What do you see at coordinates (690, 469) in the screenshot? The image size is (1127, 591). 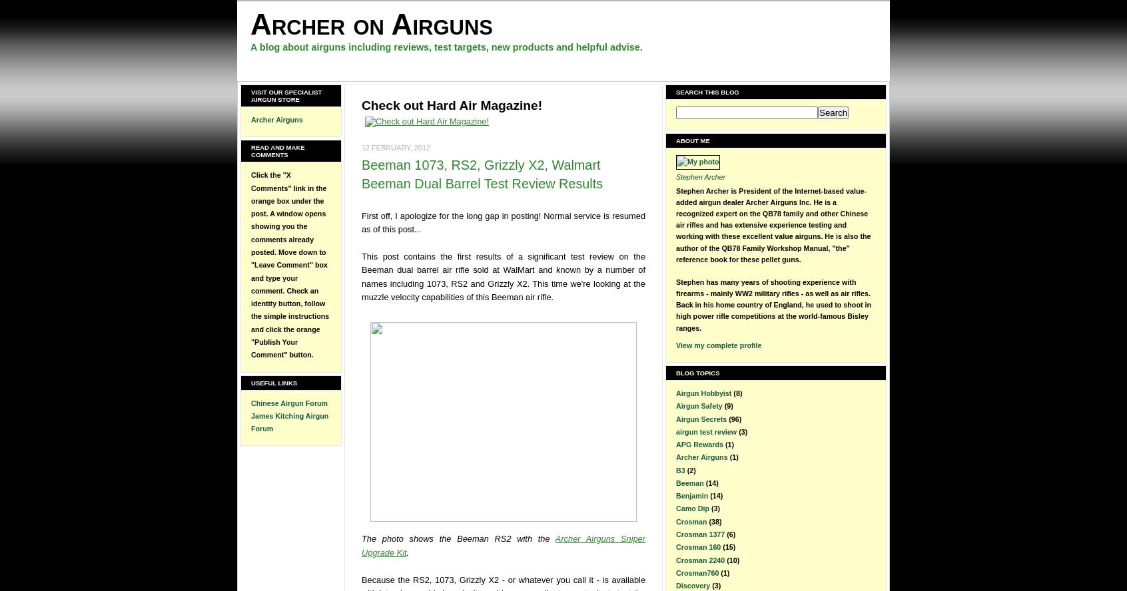 I see `'(2)'` at bounding box center [690, 469].